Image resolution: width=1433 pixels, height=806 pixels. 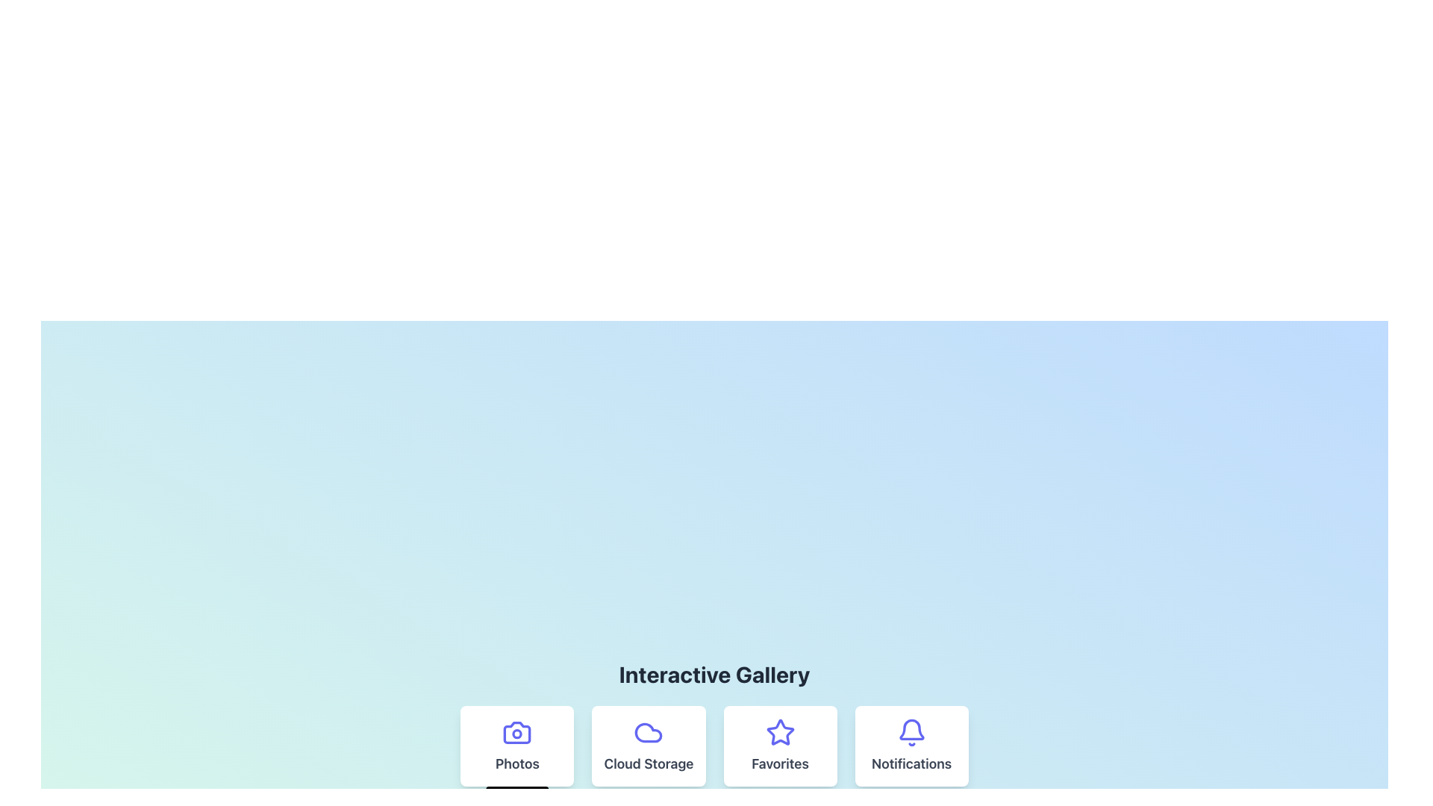 What do you see at coordinates (779, 731) in the screenshot?
I see `the central star icon with a white background and purple border` at bounding box center [779, 731].